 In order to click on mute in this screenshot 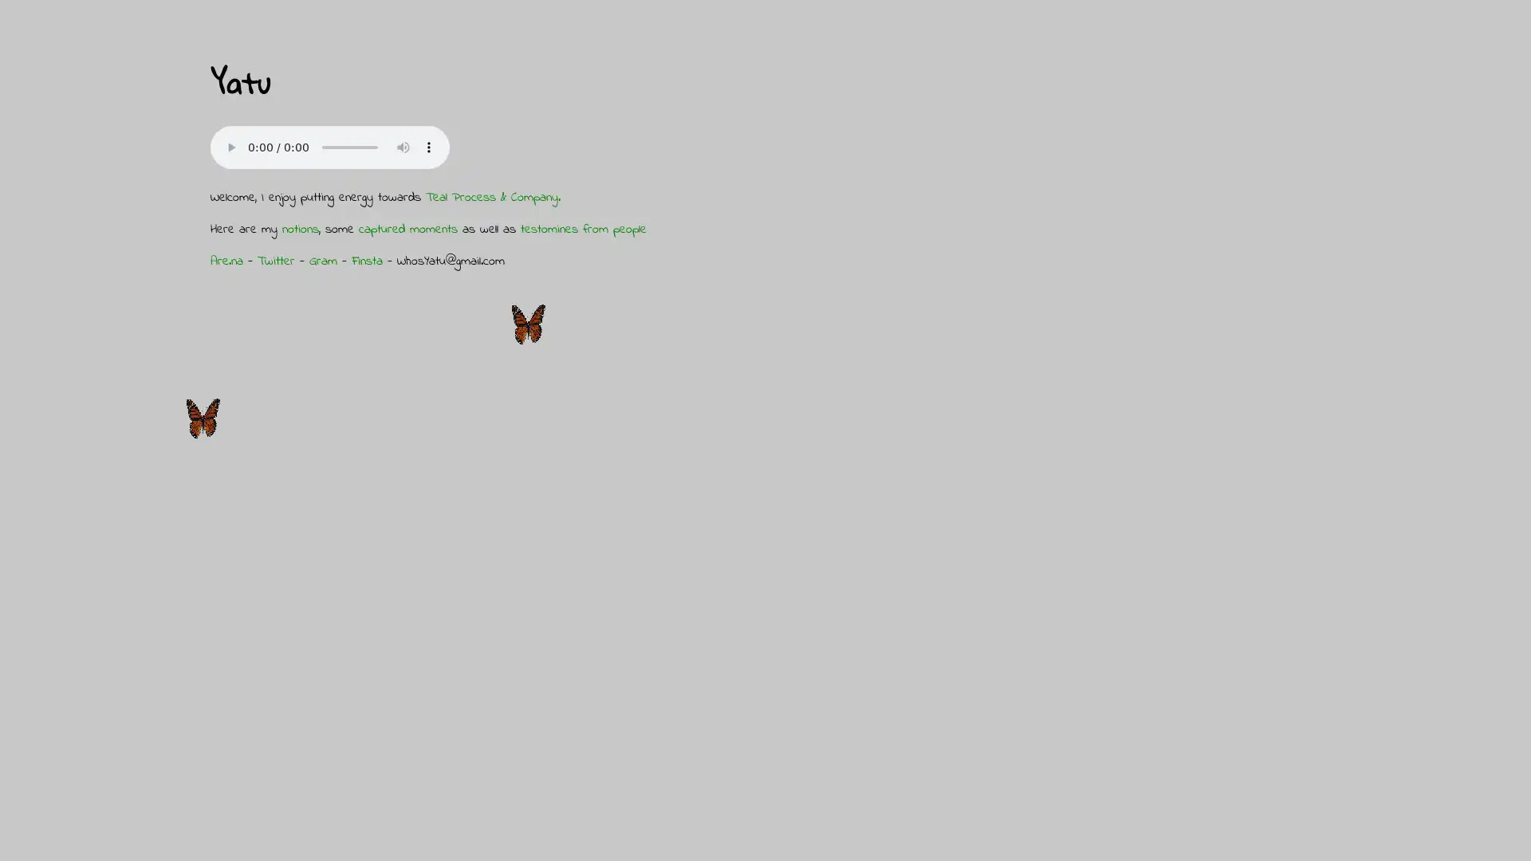, I will do `click(403, 147)`.